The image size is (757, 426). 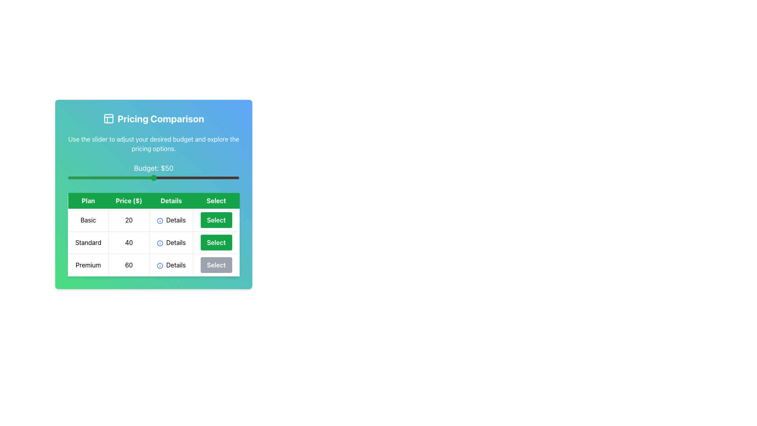 I want to click on the Text label in the 'Pricing Comparison' section that describes the specific plan name, located at the intersection of the first row and first column of the pricing table, so click(x=88, y=220).